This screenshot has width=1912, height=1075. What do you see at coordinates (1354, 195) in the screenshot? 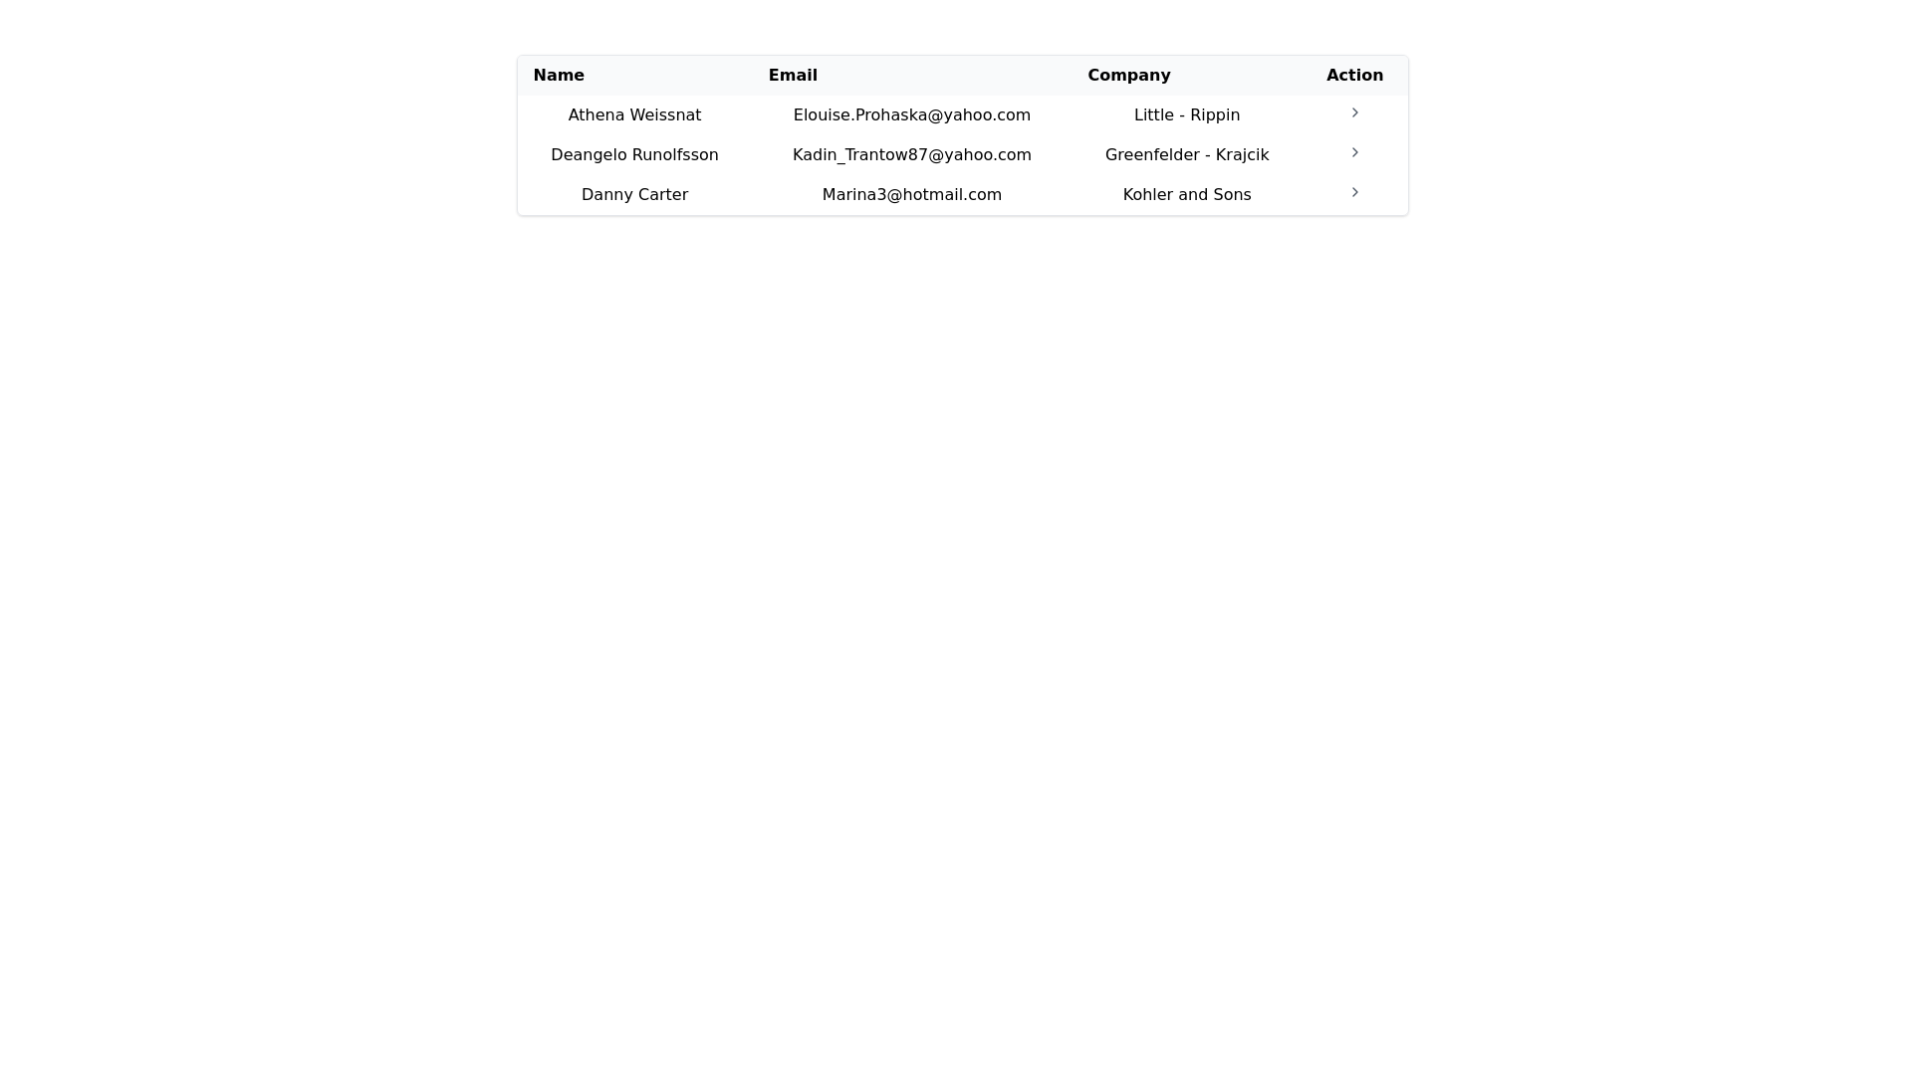
I see `the chevron icon in the last cell of the row for 'Danny Carter' in the 'Action' column` at bounding box center [1354, 195].